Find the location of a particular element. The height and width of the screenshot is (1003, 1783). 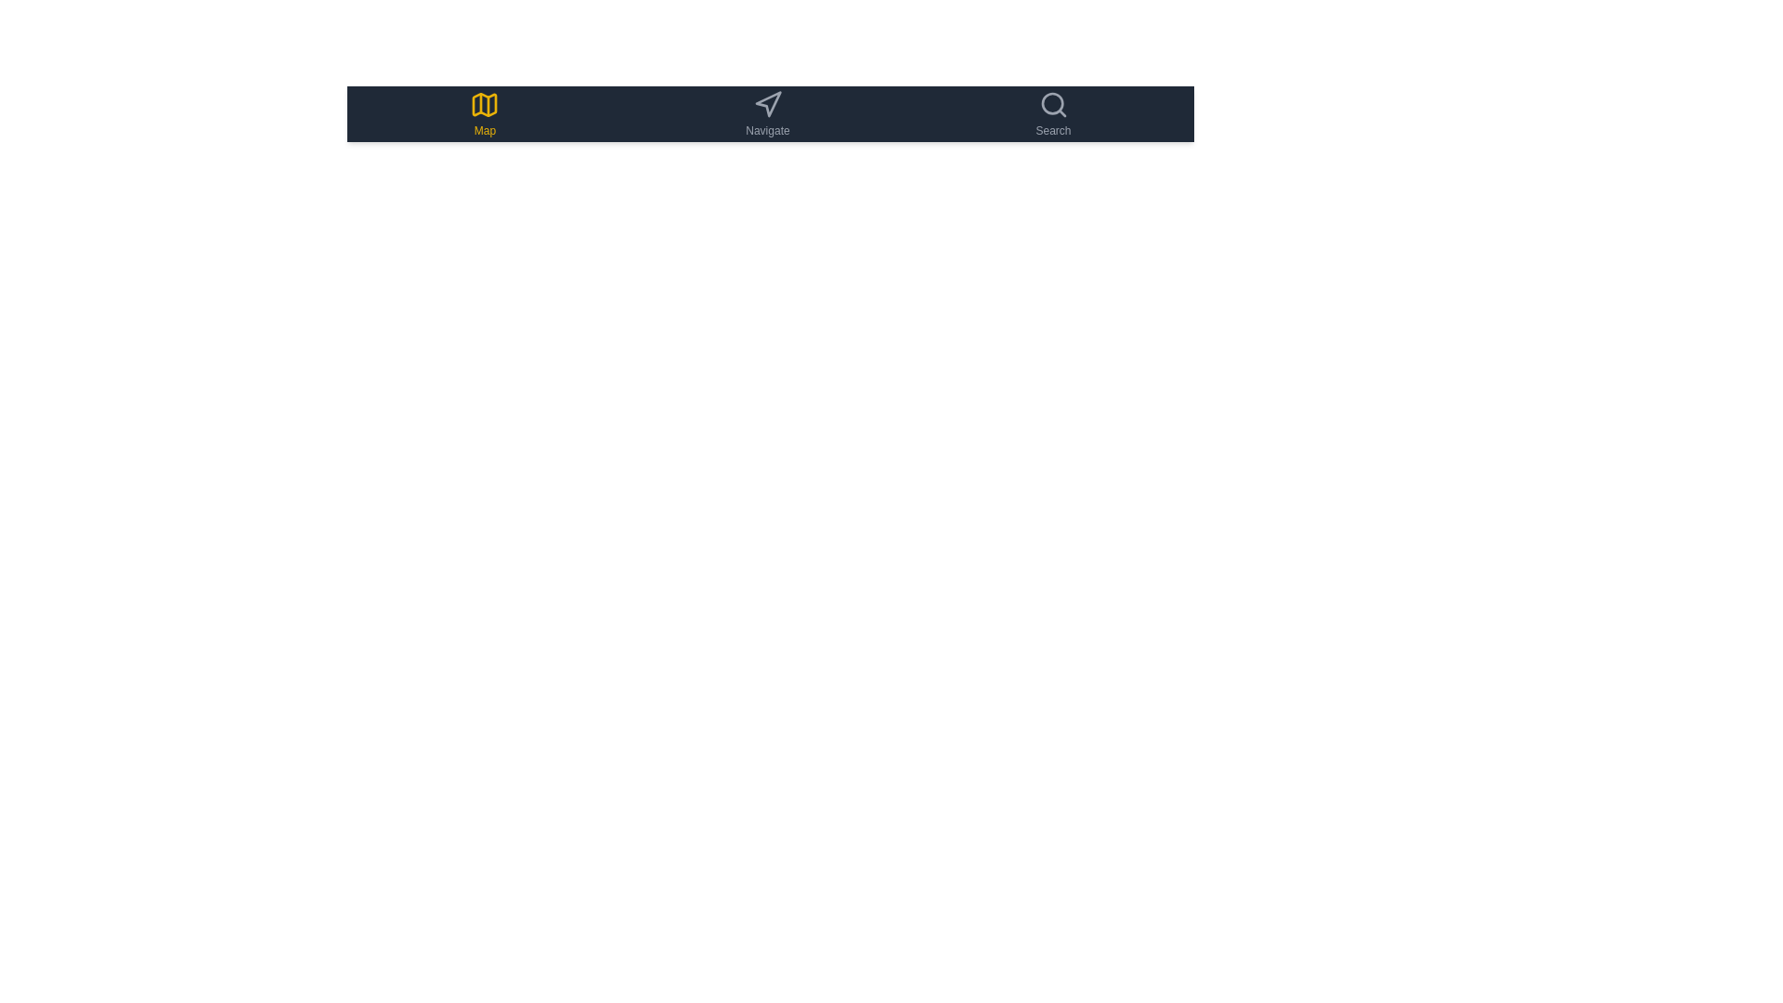

the 'Search' button located in the rightmost position of the horizontal navigation bar, which features a magnifying glass icon and the label 'Search' beneath it is located at coordinates (1053, 114).